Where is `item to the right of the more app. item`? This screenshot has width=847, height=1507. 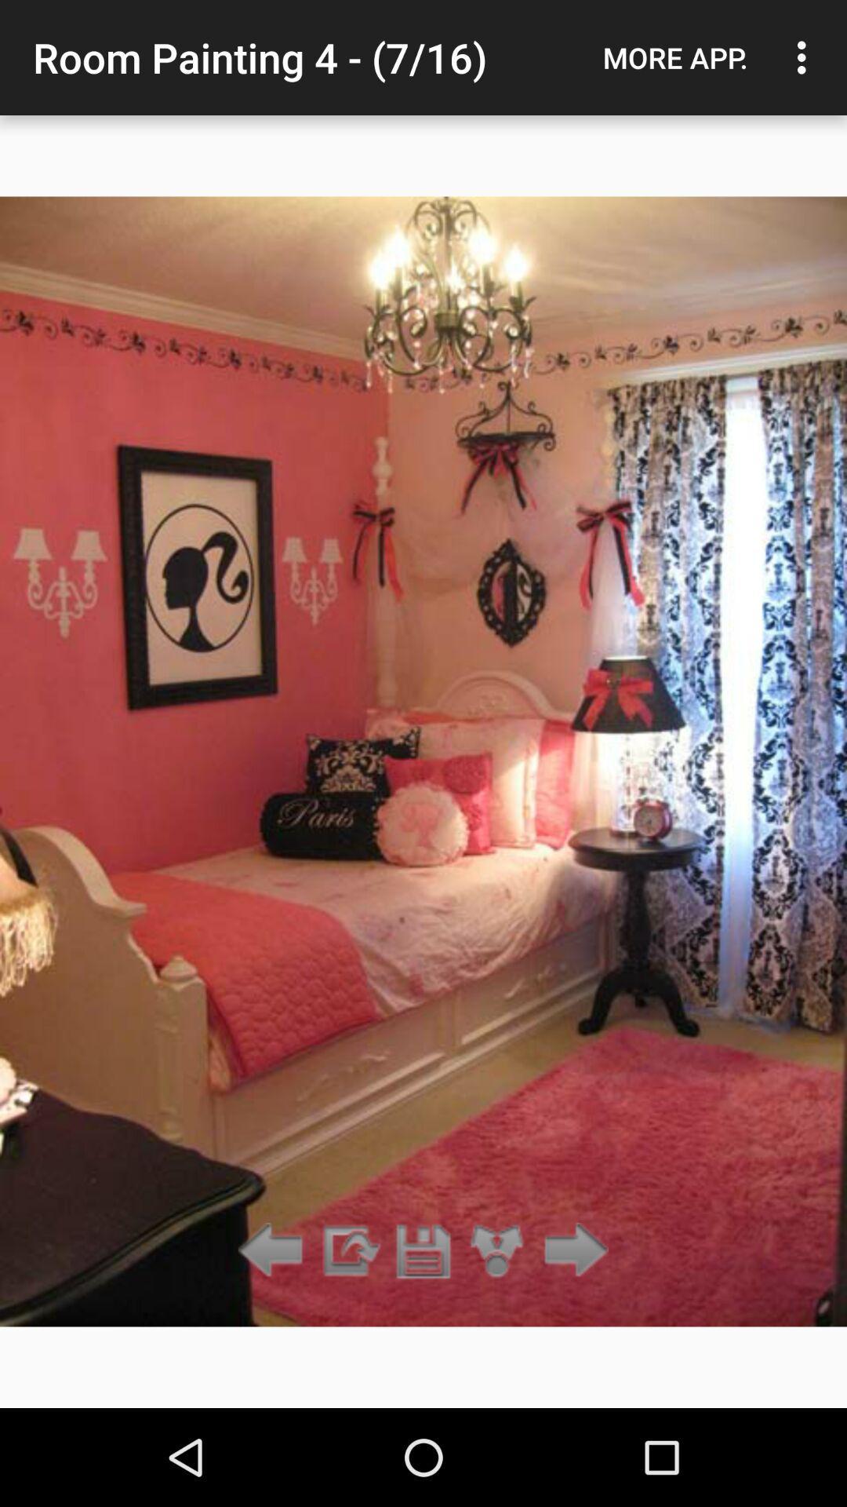 item to the right of the more app. item is located at coordinates (805, 57).